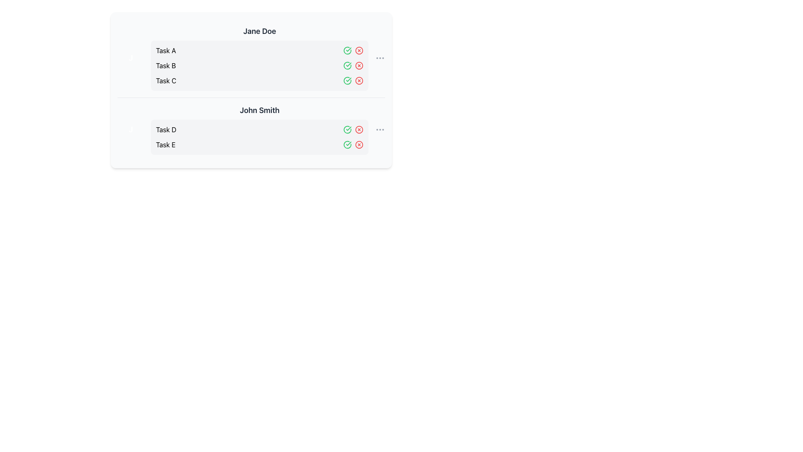  Describe the element at coordinates (379, 57) in the screenshot. I see `the ellipsis button located at the top right of Jane Doe's task section` at that location.